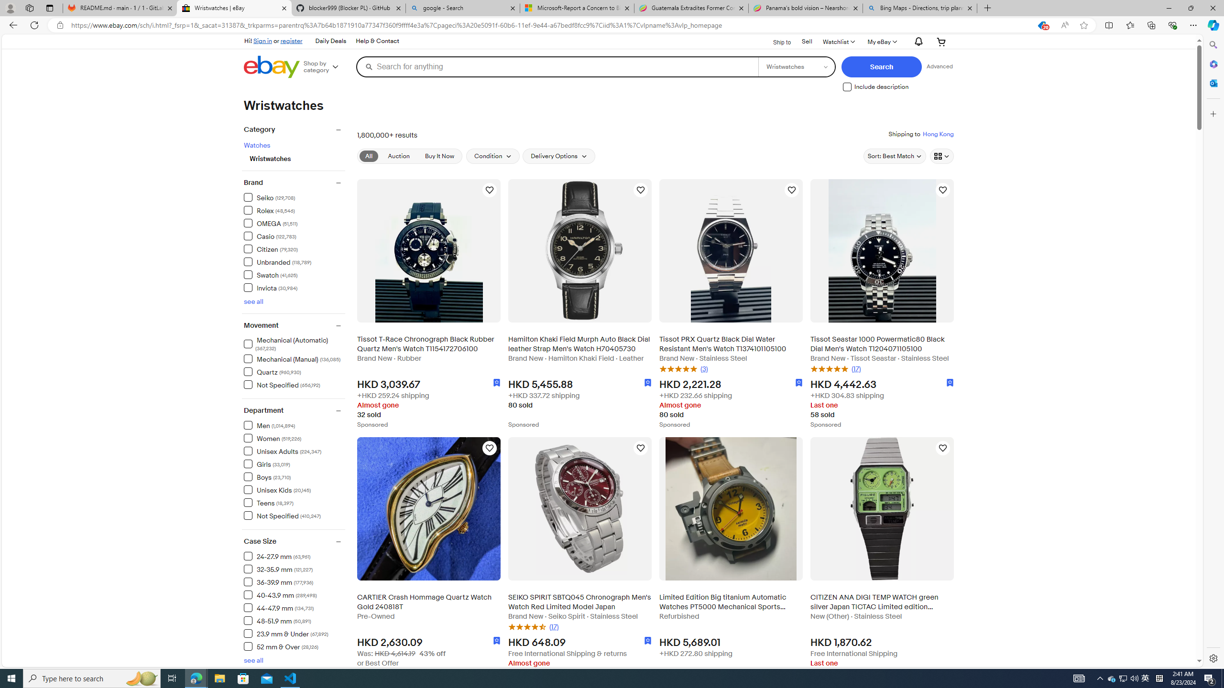 The width and height of the screenshot is (1224, 688). What do you see at coordinates (294, 541) in the screenshot?
I see `'Case Size'` at bounding box center [294, 541].